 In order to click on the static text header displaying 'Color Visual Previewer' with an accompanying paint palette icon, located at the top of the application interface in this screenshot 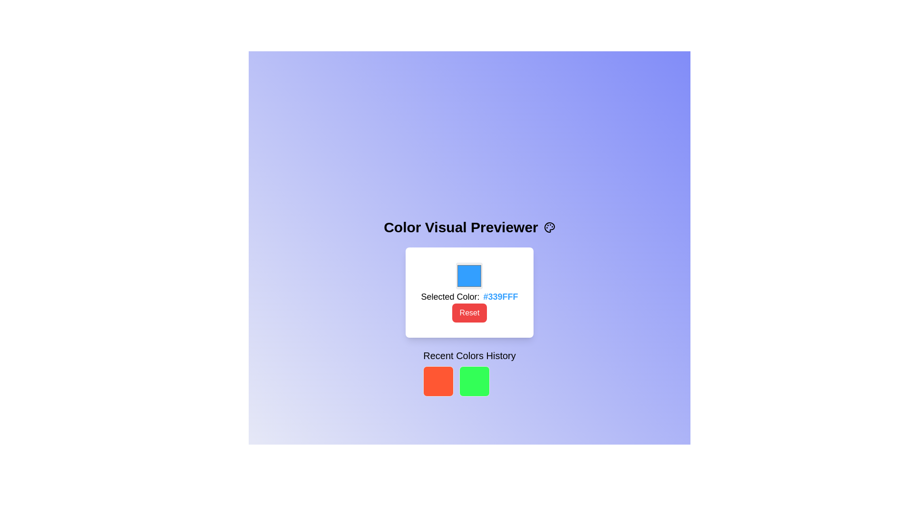, I will do `click(469, 227)`.